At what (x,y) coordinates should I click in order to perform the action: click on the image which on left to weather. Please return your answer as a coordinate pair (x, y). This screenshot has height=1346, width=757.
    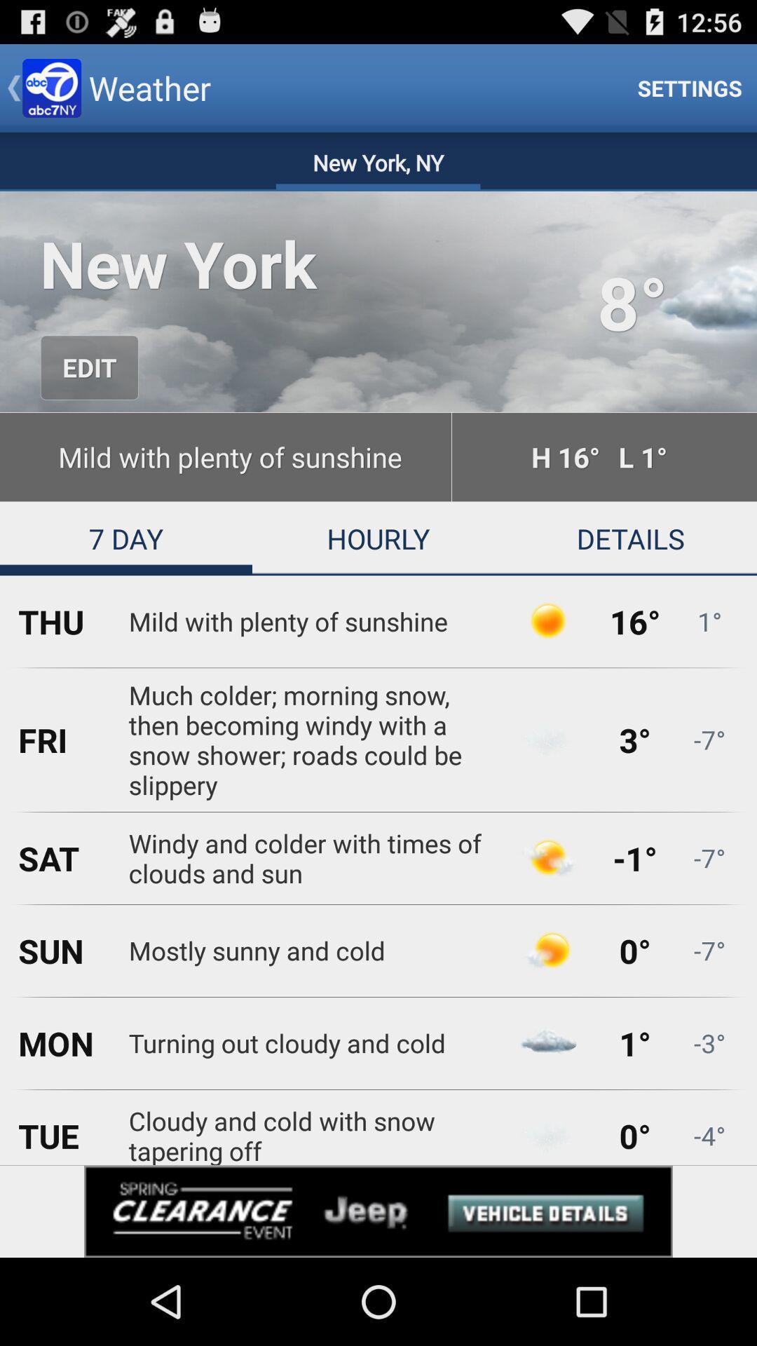
    Looking at the image, I should click on (50, 87).